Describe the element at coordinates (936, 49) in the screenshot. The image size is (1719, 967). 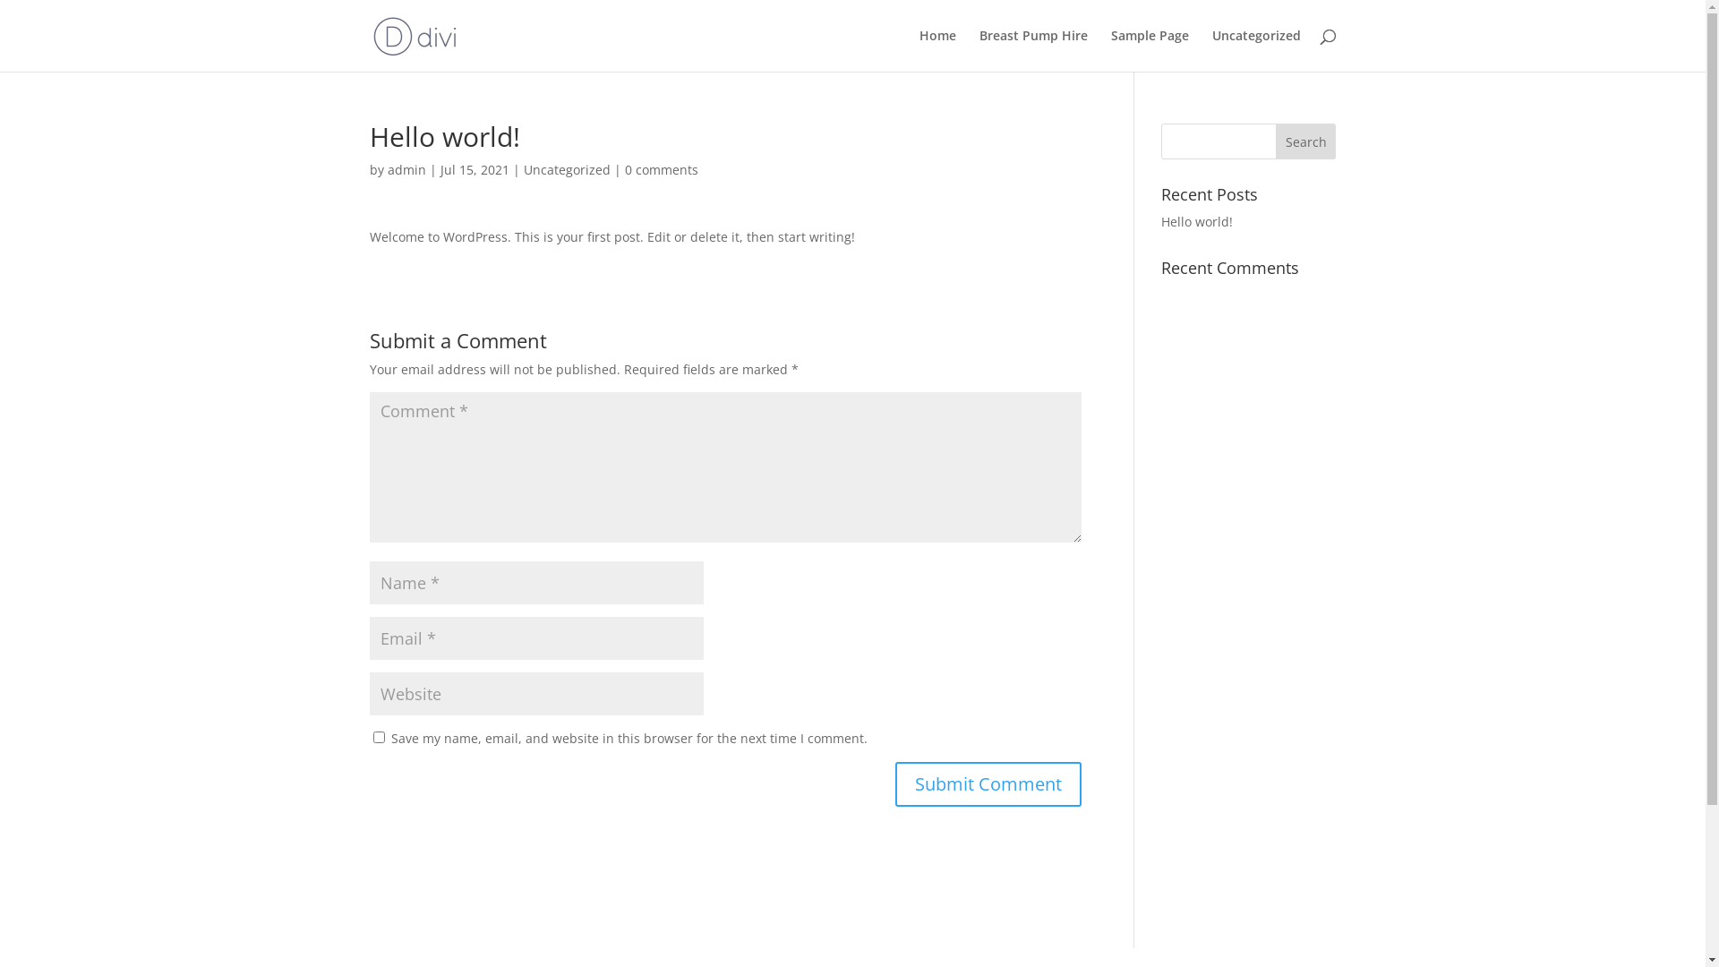
I see `'Home'` at that location.